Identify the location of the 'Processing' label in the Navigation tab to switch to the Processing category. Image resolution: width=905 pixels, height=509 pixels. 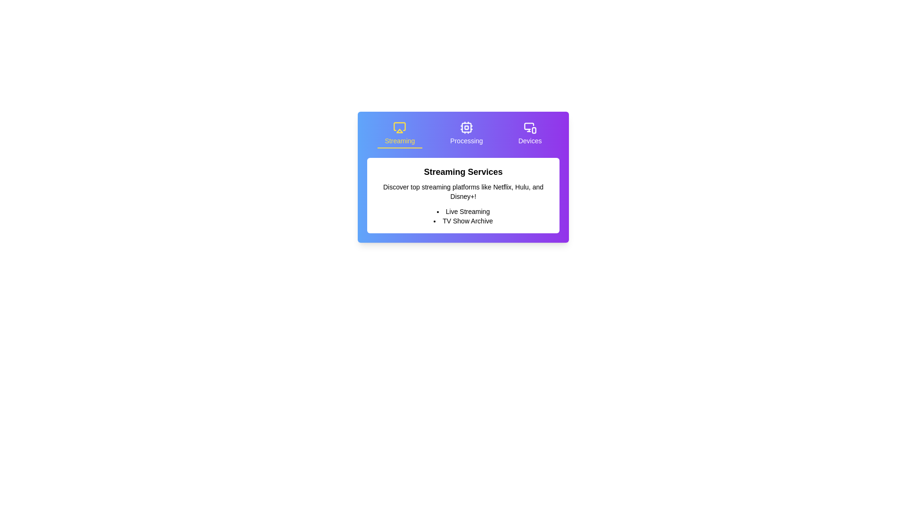
(463, 134).